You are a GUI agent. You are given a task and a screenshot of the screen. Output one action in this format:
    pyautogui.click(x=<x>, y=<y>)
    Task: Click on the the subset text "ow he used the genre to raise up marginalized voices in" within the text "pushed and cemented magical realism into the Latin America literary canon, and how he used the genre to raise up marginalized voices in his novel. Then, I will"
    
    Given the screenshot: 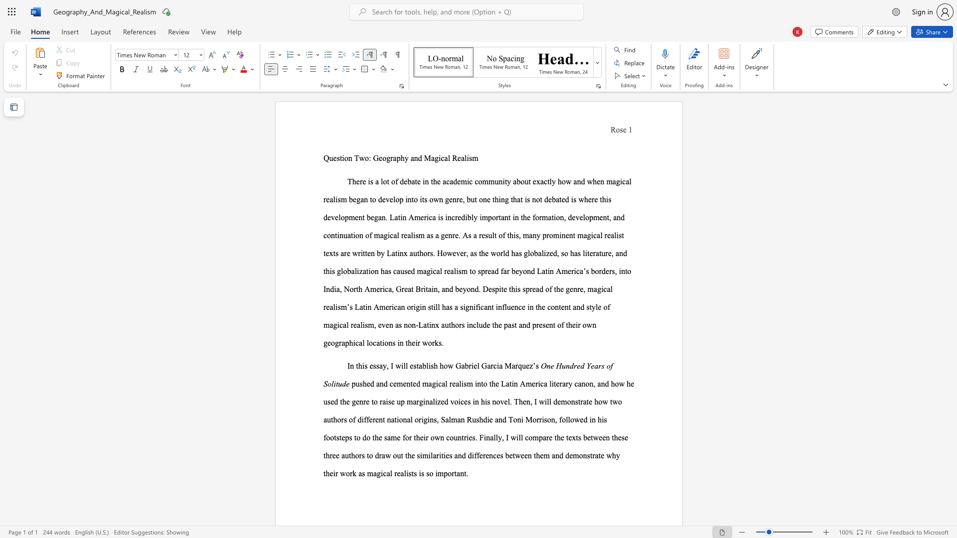 What is the action you would take?
    pyautogui.click(x=614, y=383)
    